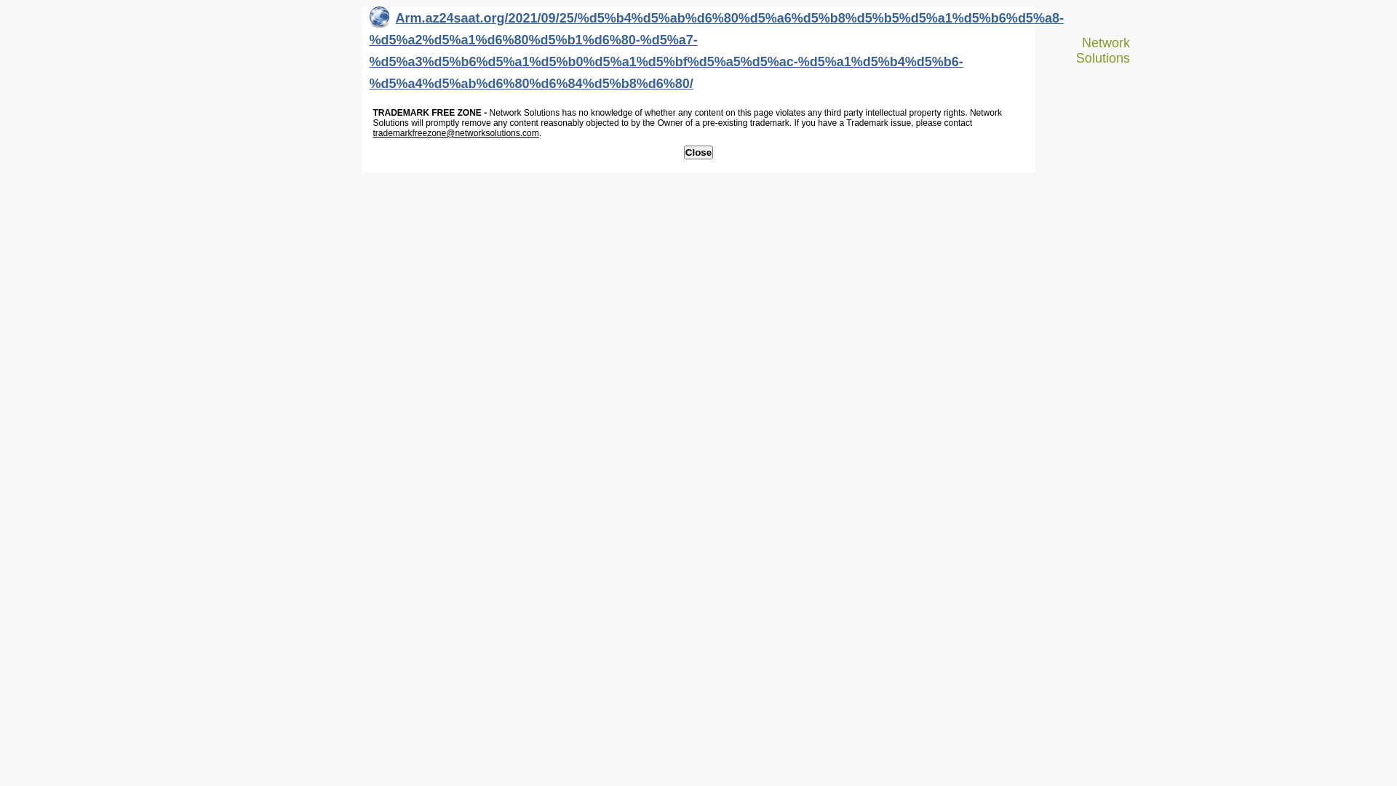 Image resolution: width=1397 pixels, height=786 pixels. Describe the element at coordinates (1096, 49) in the screenshot. I see `'Network Solutions'` at that location.